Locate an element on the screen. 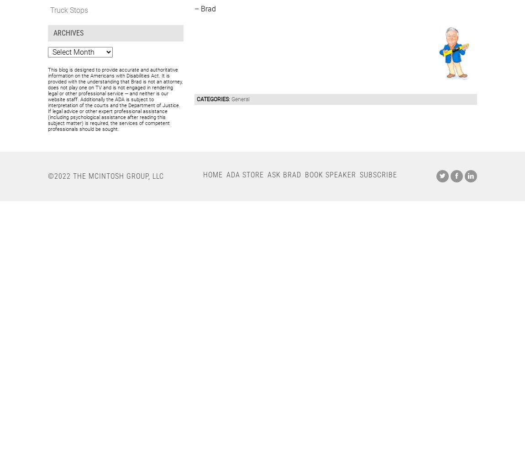  'Truck Stops' is located at coordinates (68, 10).